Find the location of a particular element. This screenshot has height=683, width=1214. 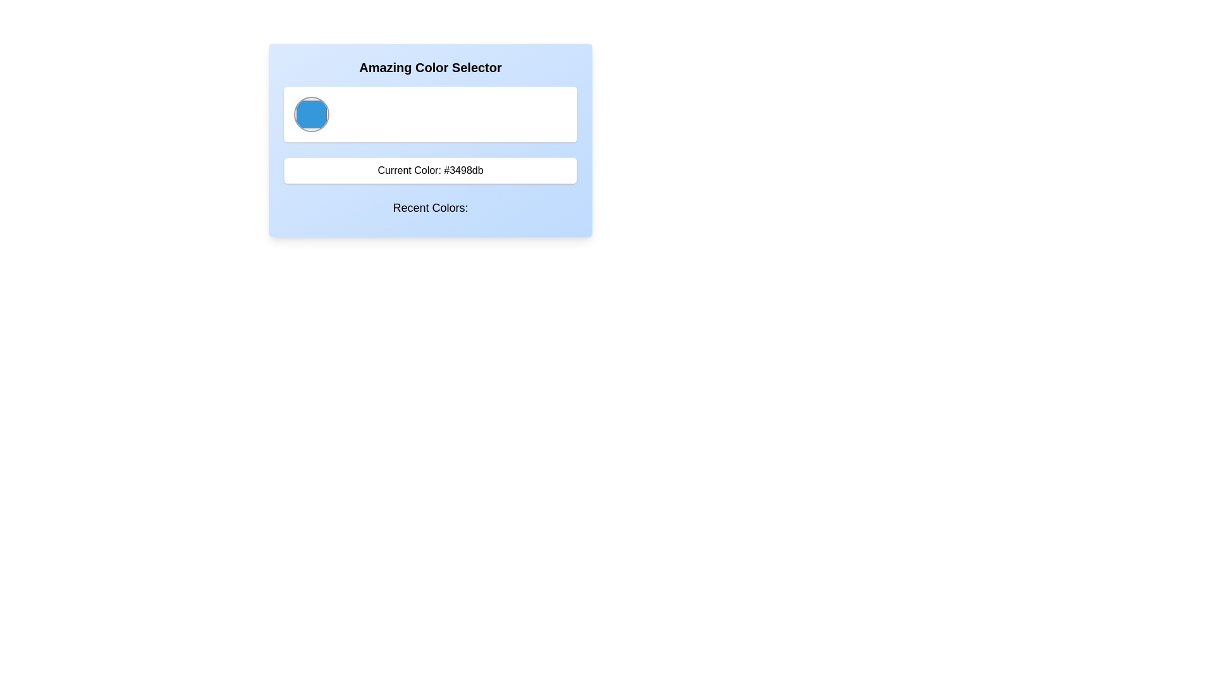

the text label that displays 'Recent Colors:' styled in bold, medium-sized font against a light blue background, located directly below the 'Current Color:' box is located at coordinates (431, 207).